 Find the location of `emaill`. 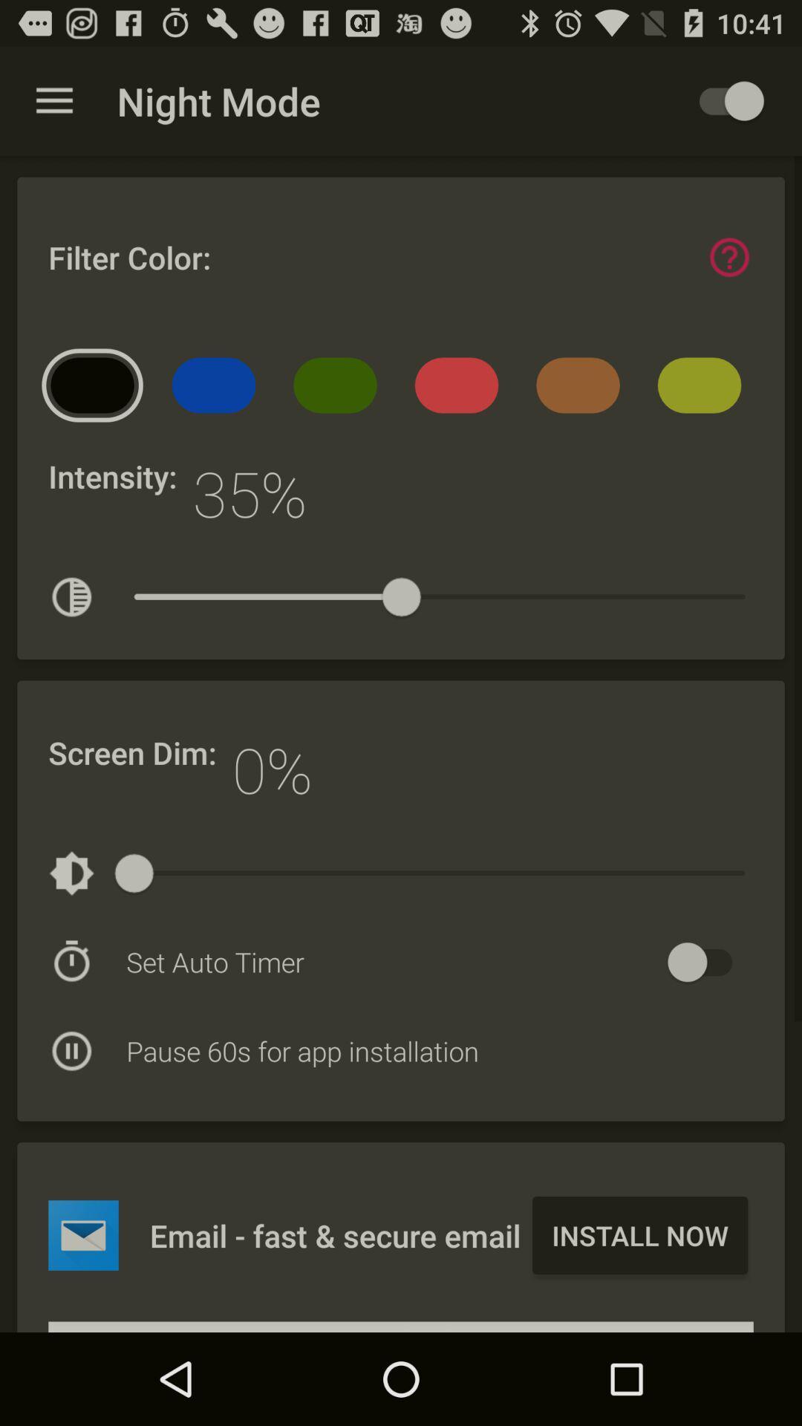

emaill is located at coordinates (83, 1235).